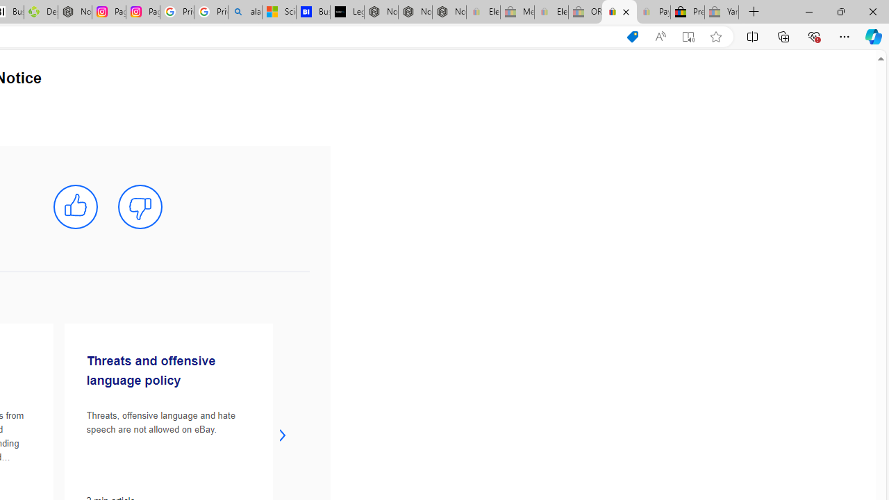  What do you see at coordinates (722, 12) in the screenshot?
I see `'Yard, Garden & Outdoor Living - Sleeping'` at bounding box center [722, 12].